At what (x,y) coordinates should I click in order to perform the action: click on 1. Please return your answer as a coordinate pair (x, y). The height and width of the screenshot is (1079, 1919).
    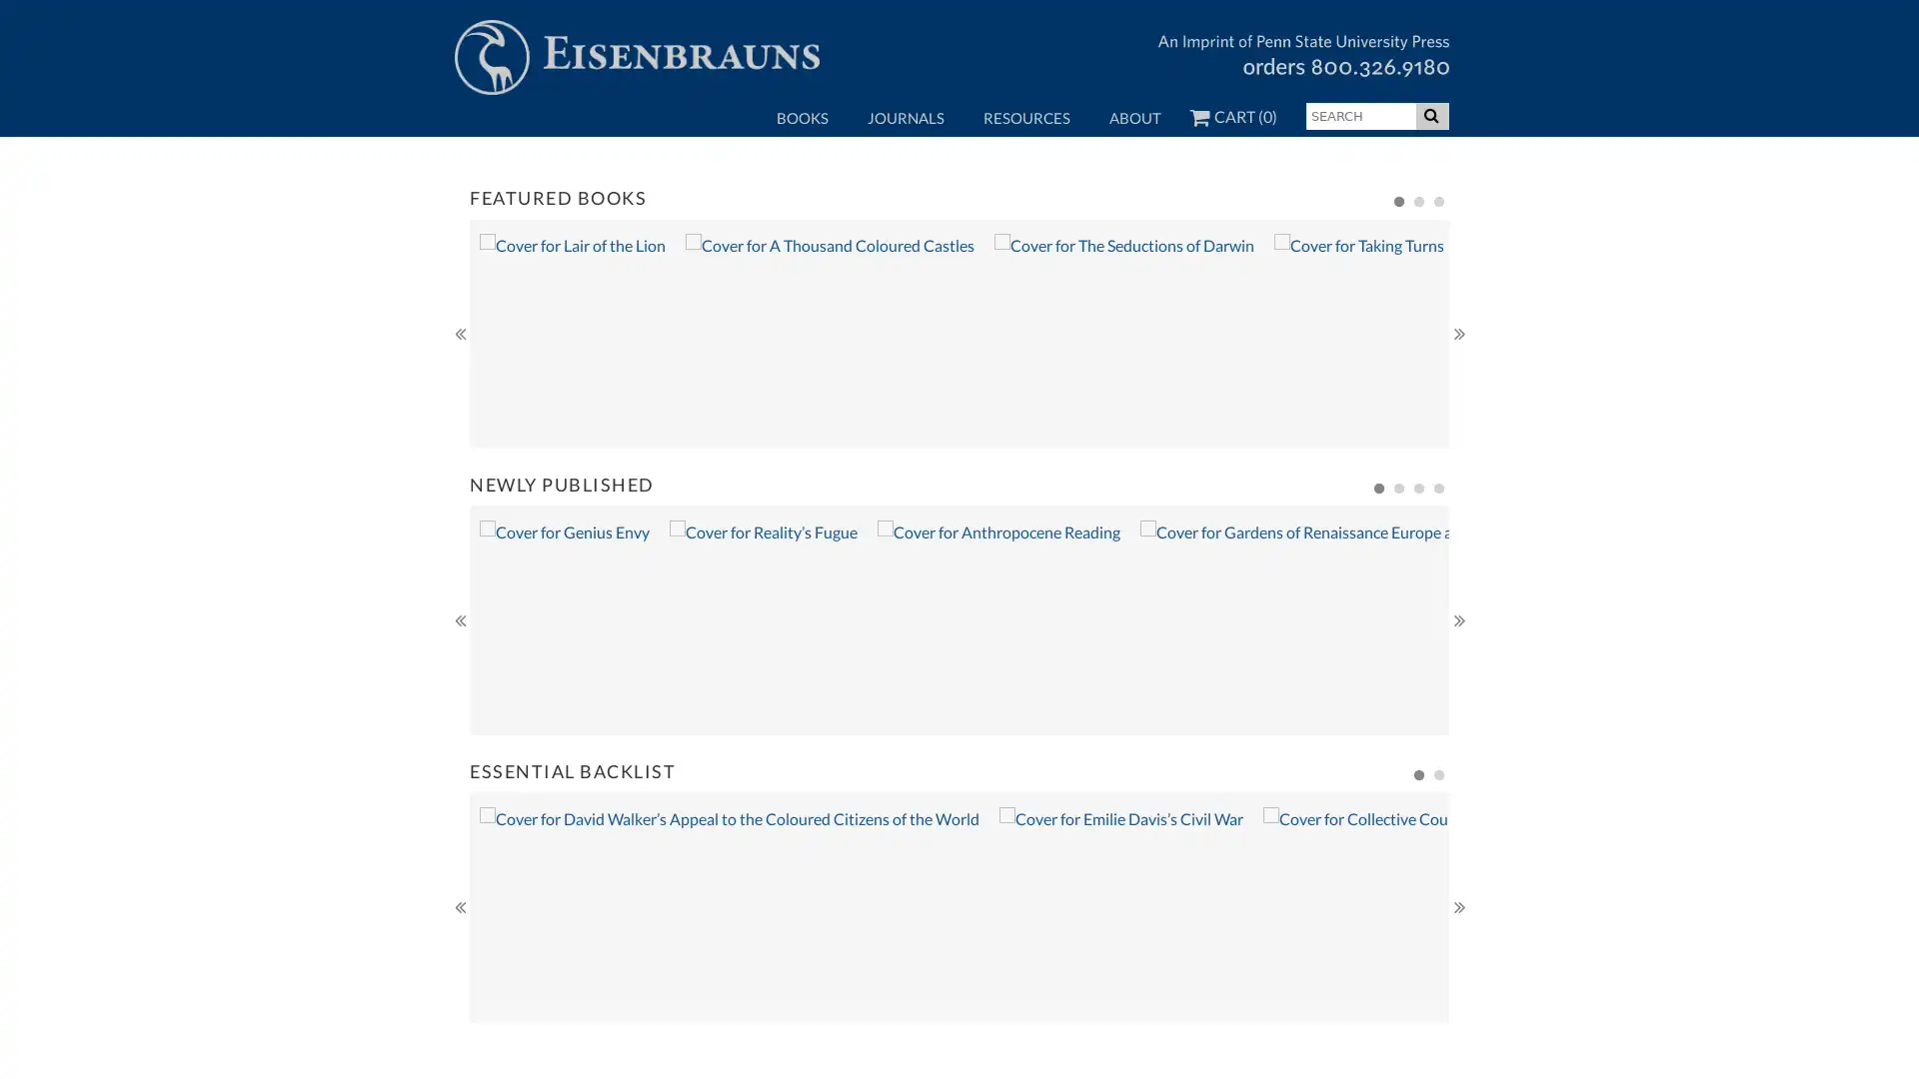
    Looking at the image, I should click on (1398, 203).